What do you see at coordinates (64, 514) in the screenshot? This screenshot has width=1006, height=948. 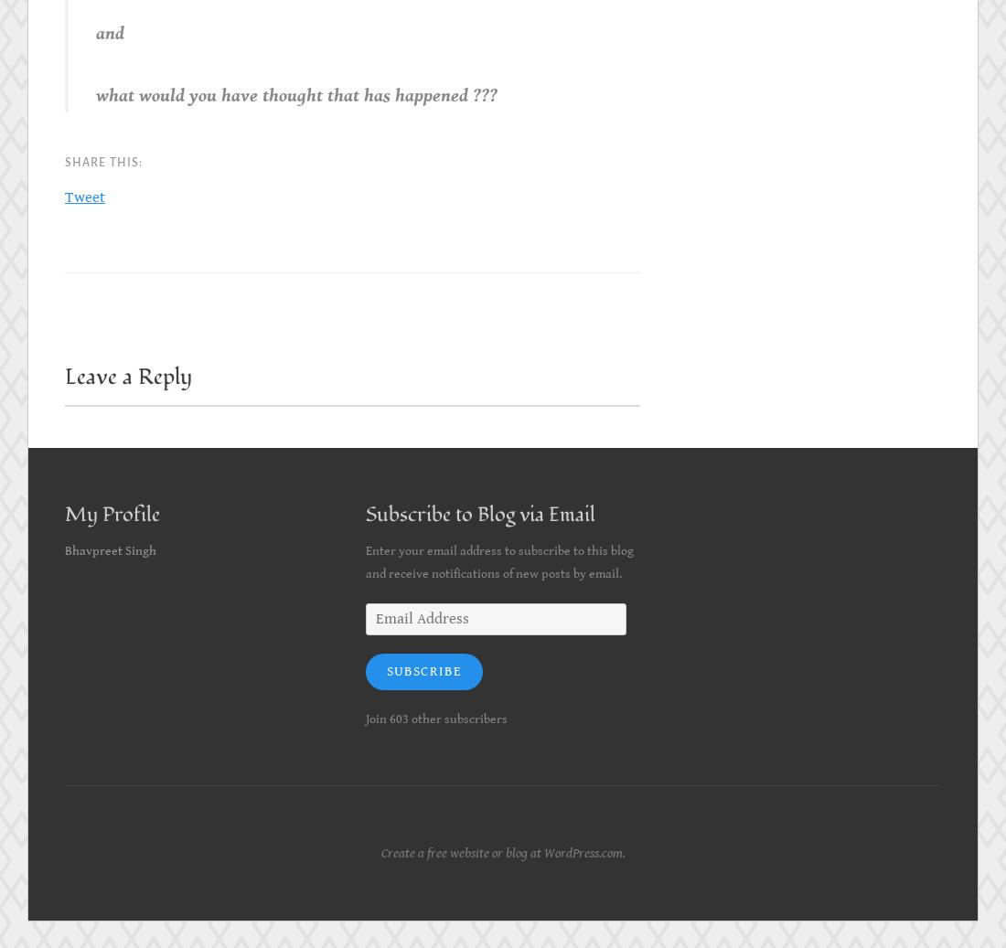 I see `'My Profile'` at bounding box center [64, 514].